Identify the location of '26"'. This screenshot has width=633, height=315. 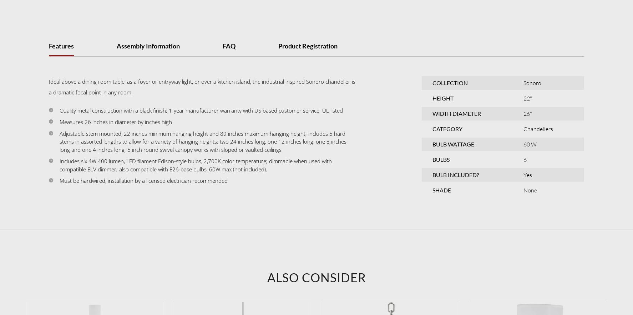
(527, 113).